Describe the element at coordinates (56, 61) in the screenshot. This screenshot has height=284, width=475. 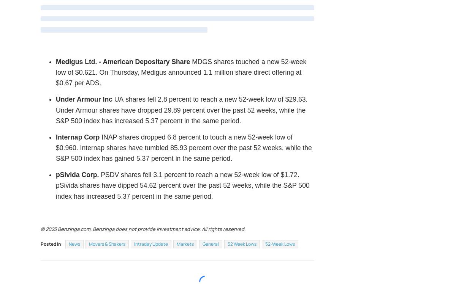
I see `'Medigus Ltd. - American Depositary Share'` at that location.